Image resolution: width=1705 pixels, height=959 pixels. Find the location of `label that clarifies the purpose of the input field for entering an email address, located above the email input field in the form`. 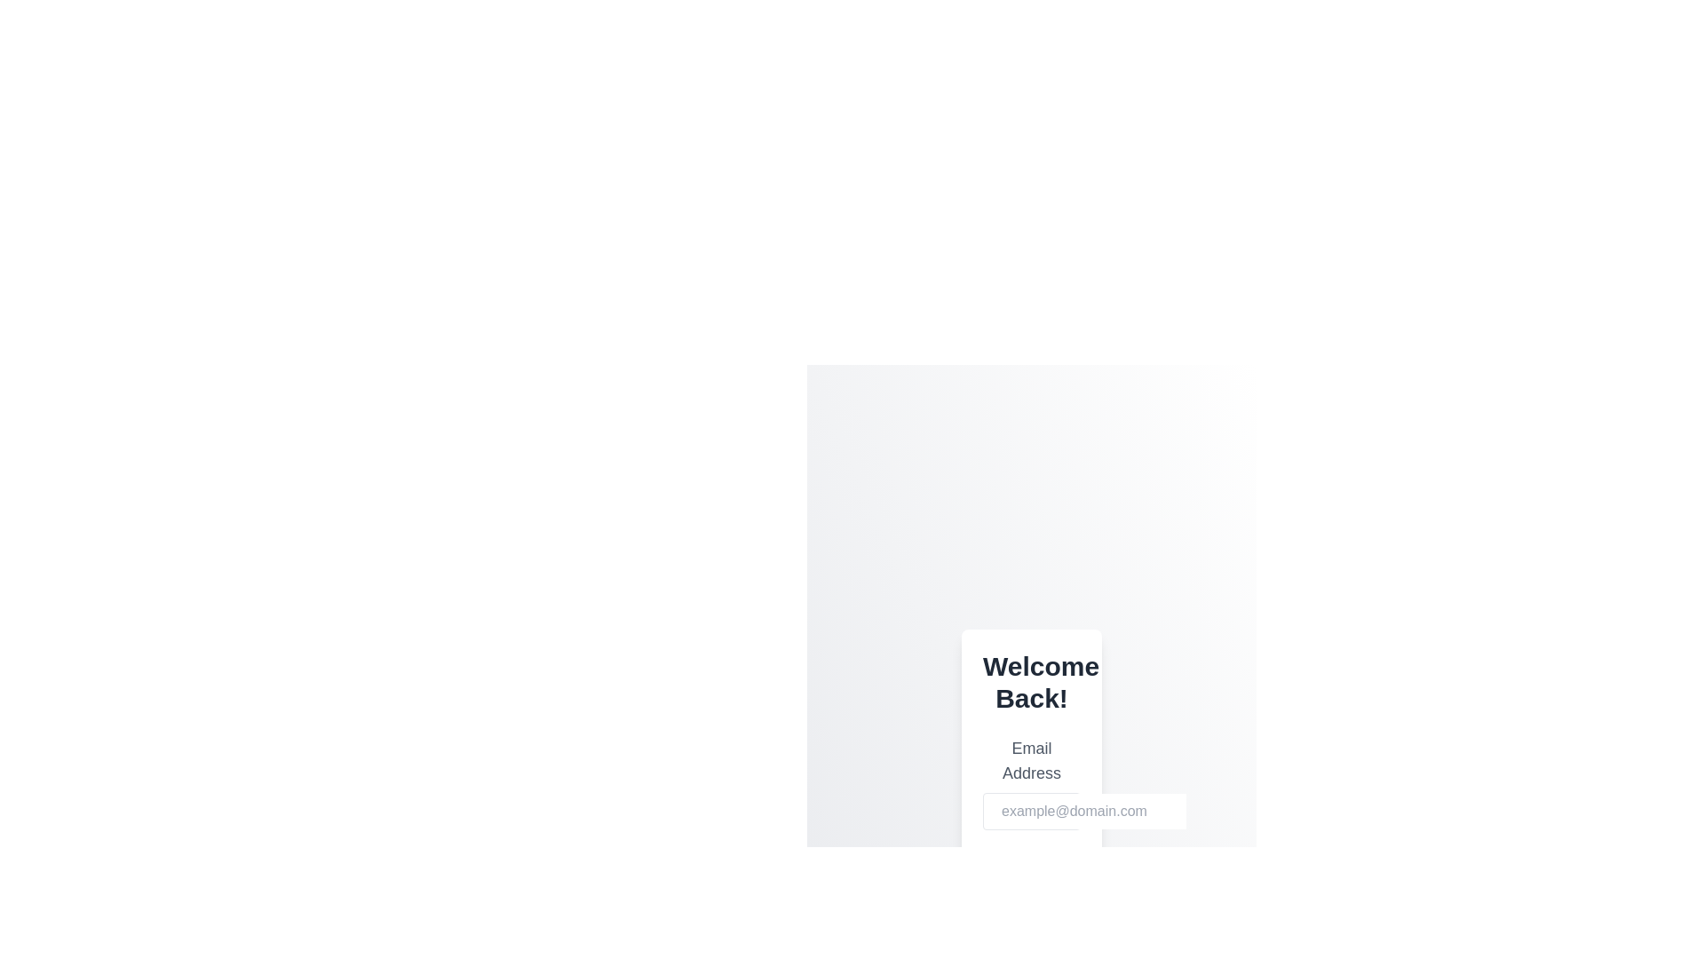

label that clarifies the purpose of the input field for entering an email address, located above the email input field in the form is located at coordinates (1031, 782).